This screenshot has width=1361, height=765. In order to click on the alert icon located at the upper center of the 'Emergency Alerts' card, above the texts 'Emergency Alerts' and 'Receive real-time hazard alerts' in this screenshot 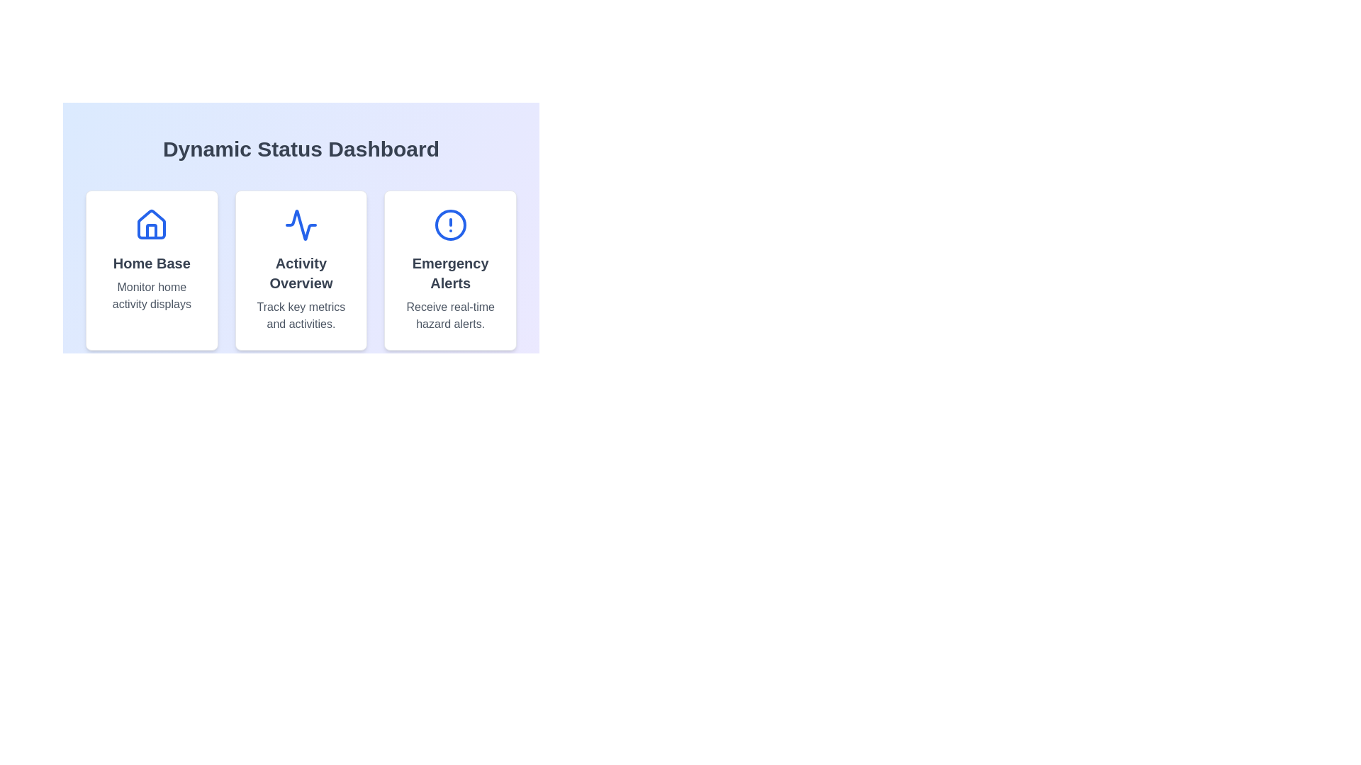, I will do `click(449, 224)`.